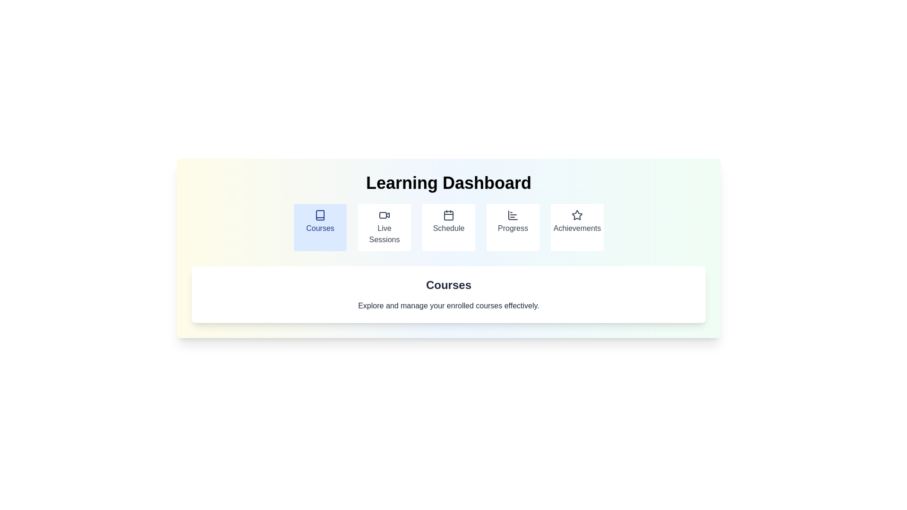  What do you see at coordinates (448, 285) in the screenshot?
I see `the 'Courses' section header text, which is prominently styled in bold and large font, positioned centrally on a white card-like feature above the descriptive text` at bounding box center [448, 285].